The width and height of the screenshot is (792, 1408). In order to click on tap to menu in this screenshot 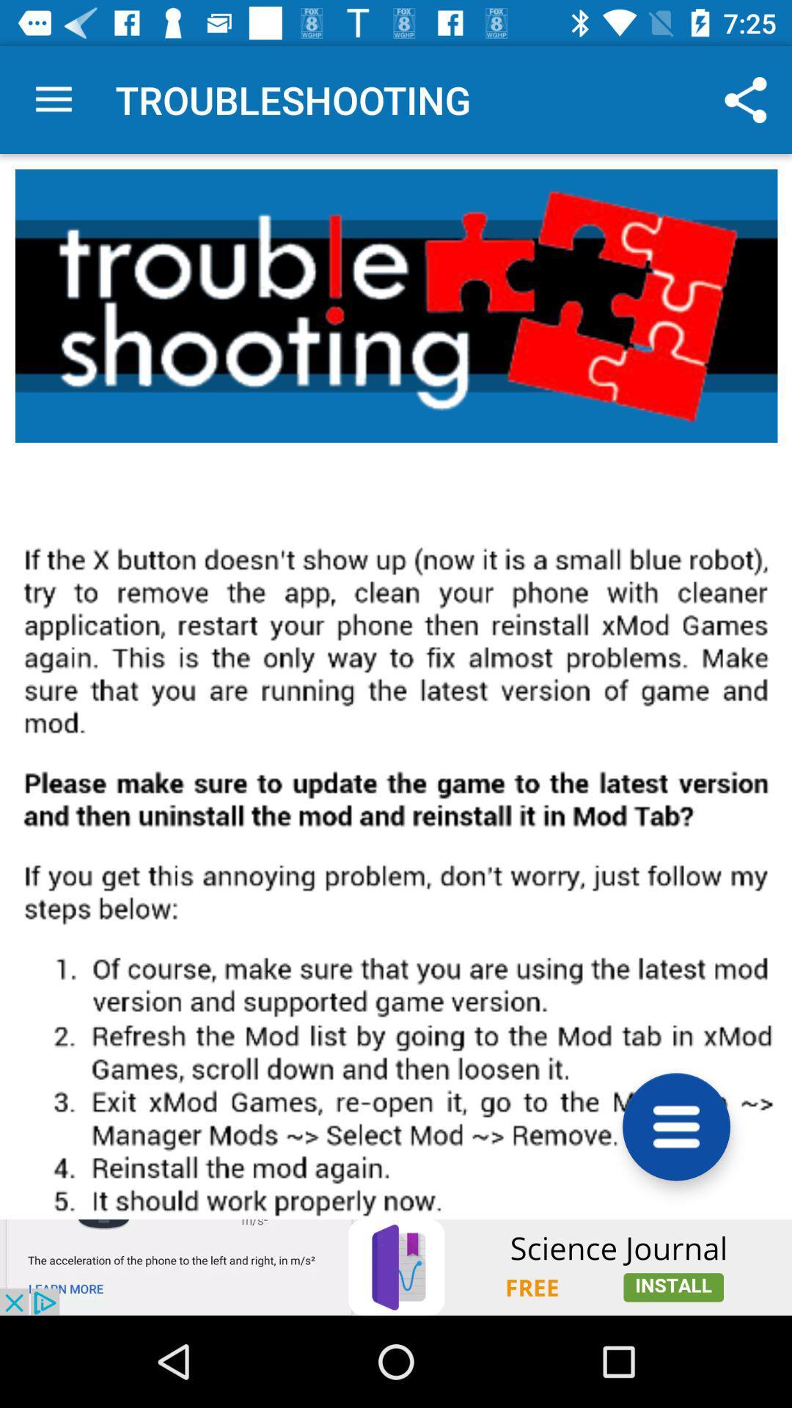, I will do `click(676, 1126)`.